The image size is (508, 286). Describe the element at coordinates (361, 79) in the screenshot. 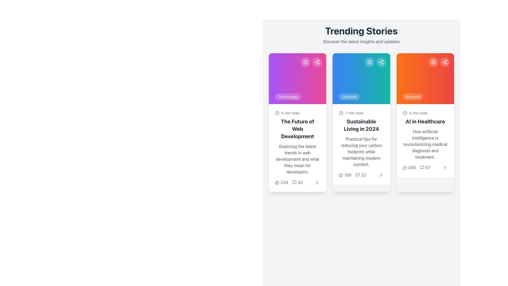

I see `the Header section with category label that features the text 'Lifestyle' at the bottom left, located in the gradient header area of the second card in the 'Trending Stories' section` at that location.